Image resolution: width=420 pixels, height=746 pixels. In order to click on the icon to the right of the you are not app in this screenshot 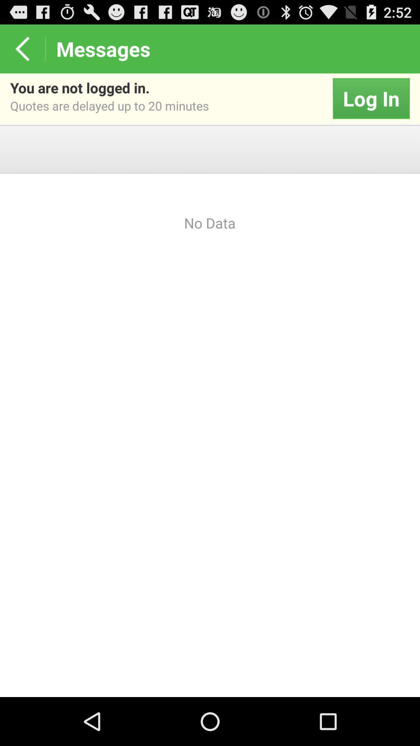, I will do `click(371, 98)`.